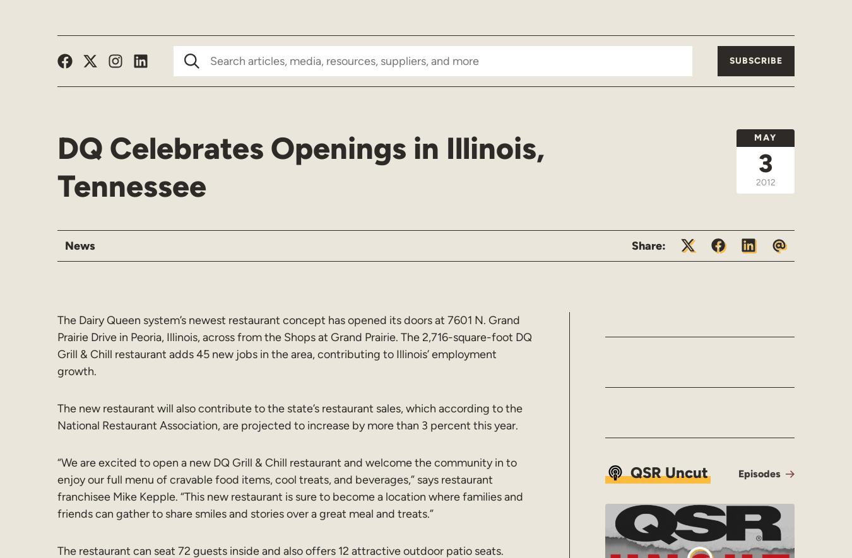  Describe the element at coordinates (707, 190) in the screenshot. I see `'PrimoHoagies to Host Customer Appreciation Day on November 14'` at that location.